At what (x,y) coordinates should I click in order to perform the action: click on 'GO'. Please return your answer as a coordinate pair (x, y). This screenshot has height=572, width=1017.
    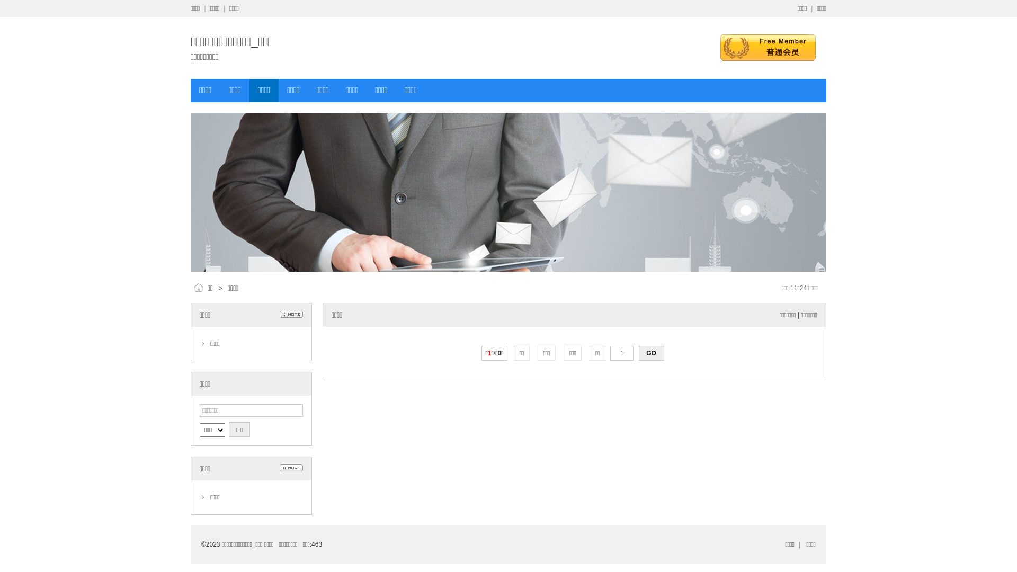
    Looking at the image, I should click on (650, 353).